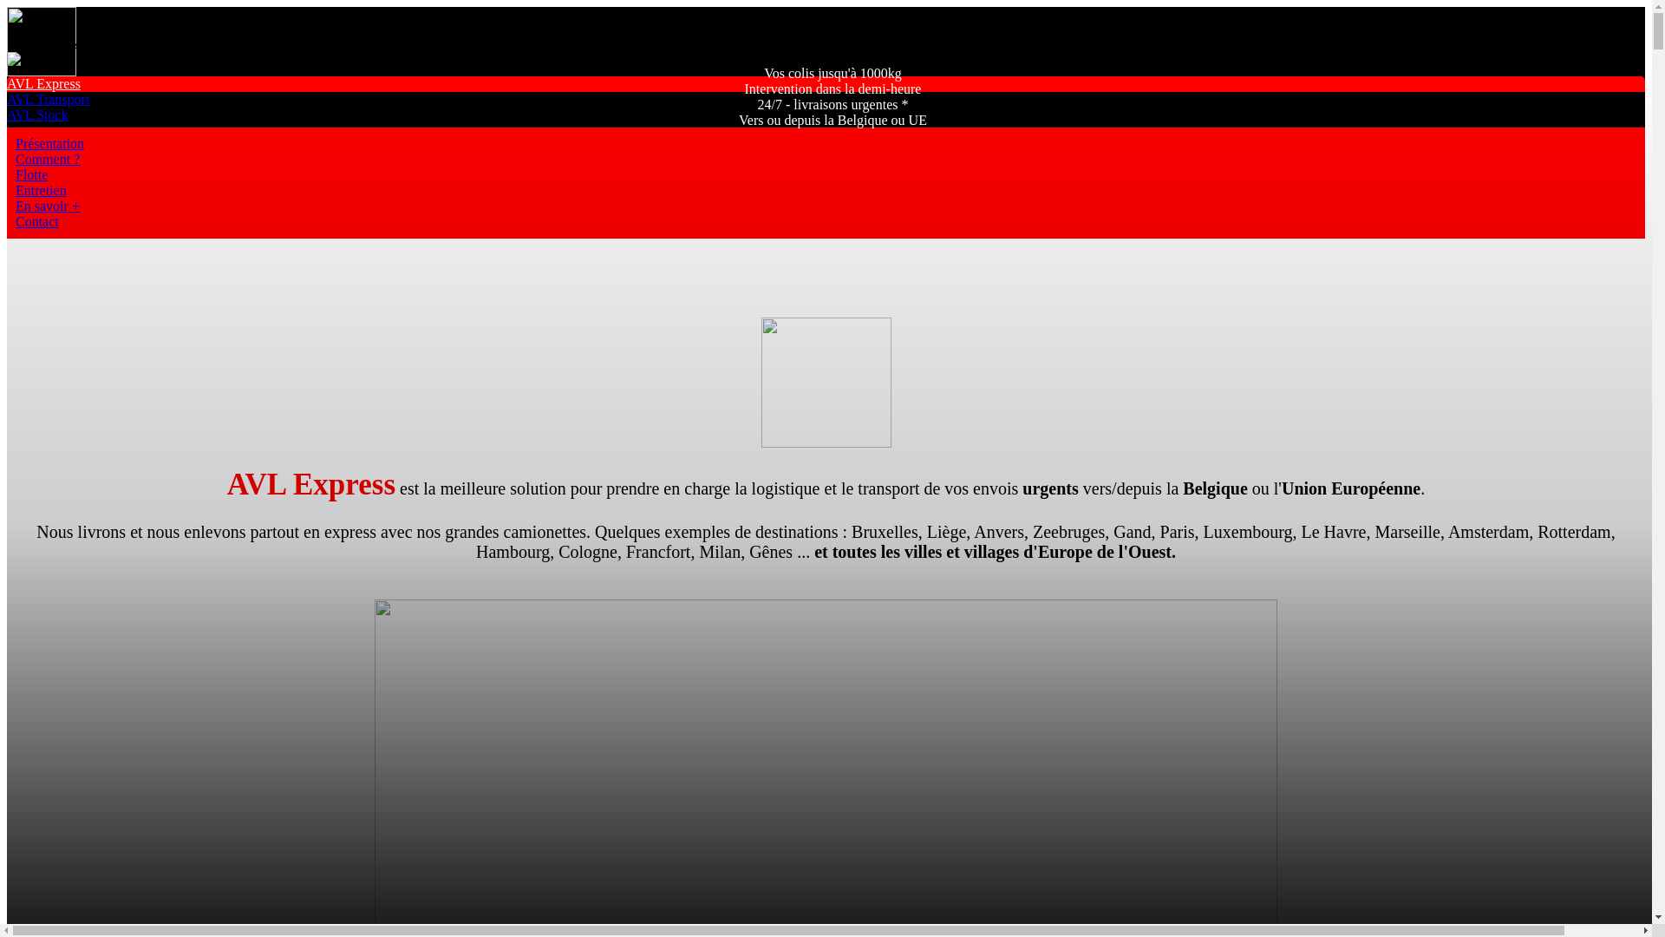 The image size is (1665, 937). I want to click on 'AVL Stock', so click(7, 115).